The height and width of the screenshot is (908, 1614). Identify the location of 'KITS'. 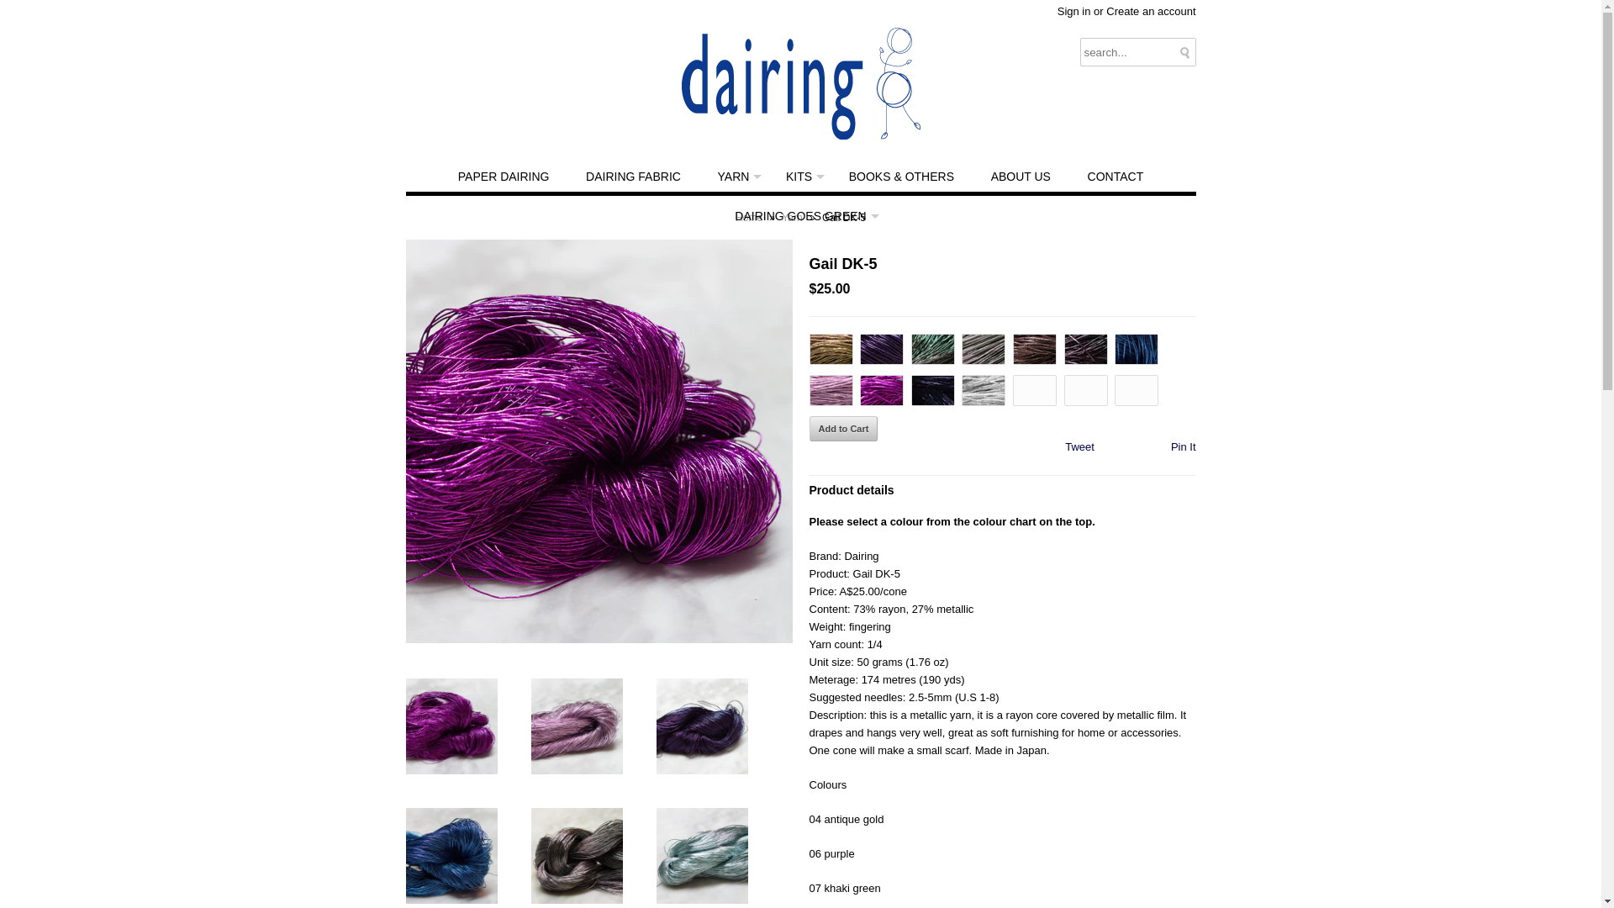
(798, 177).